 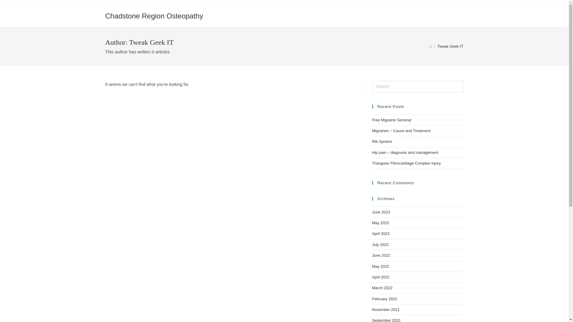 I want to click on 'Tweak Geek IT', so click(x=450, y=46).